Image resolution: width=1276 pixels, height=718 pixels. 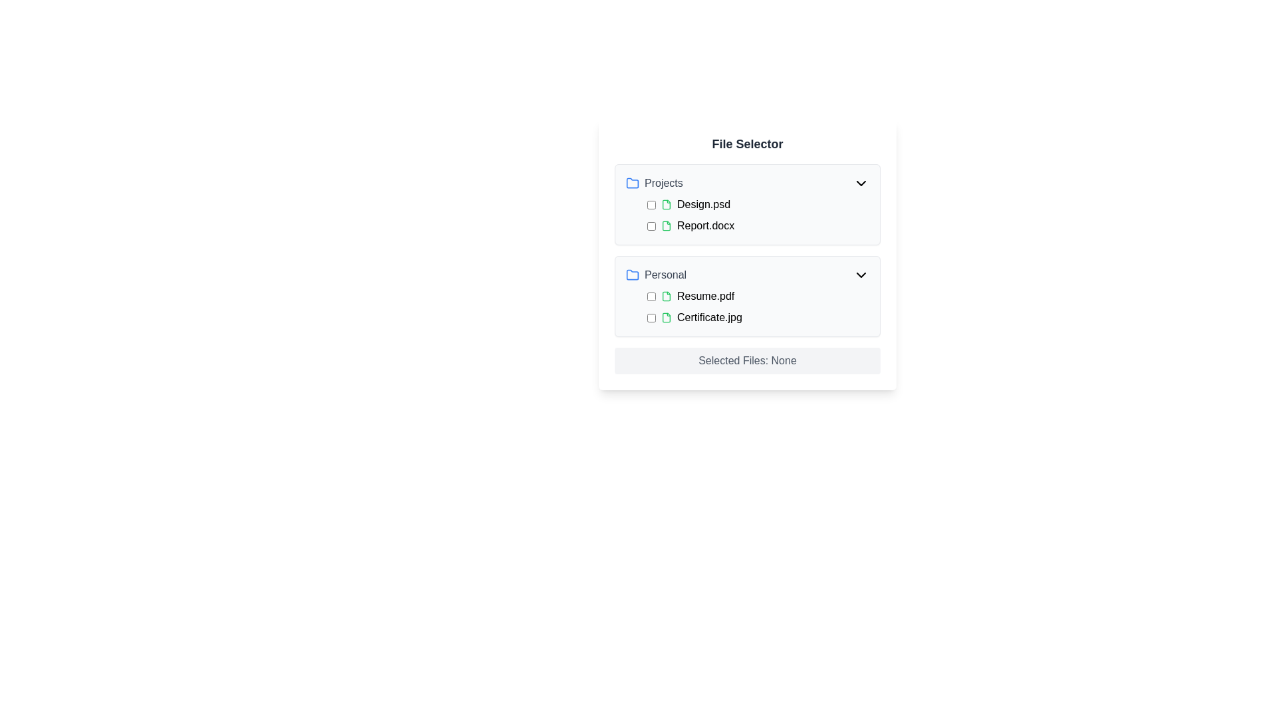 What do you see at coordinates (663, 183) in the screenshot?
I see `the text label displaying 'Projects' in gray located at the upper section of the file selector interface` at bounding box center [663, 183].